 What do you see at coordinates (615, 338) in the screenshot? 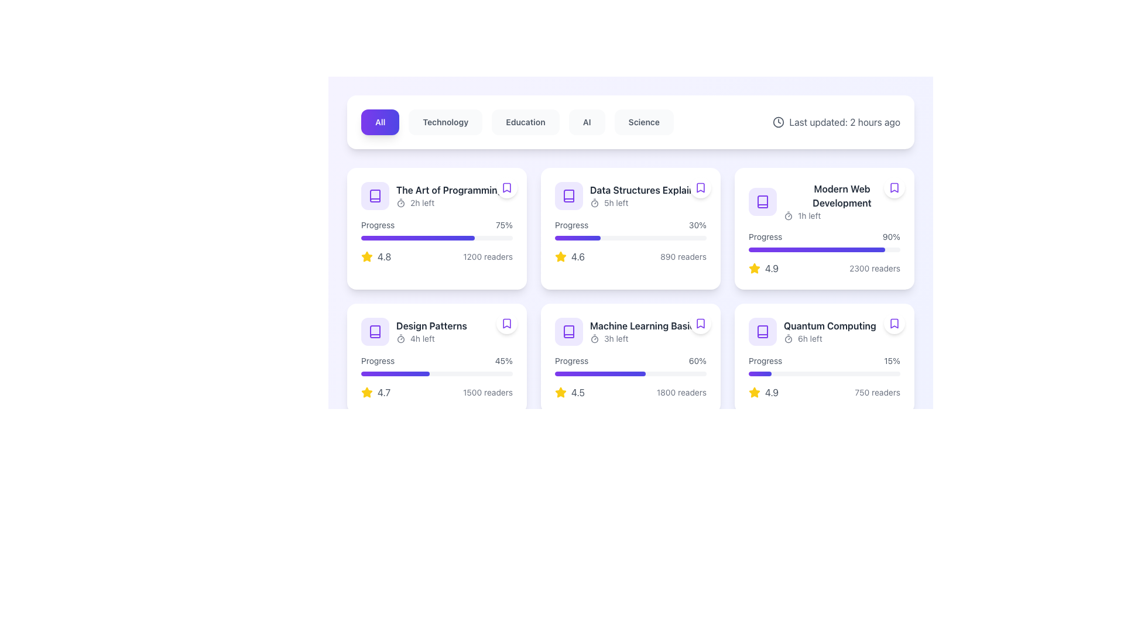
I see `the static text displaying '3h left', which is styled with a gray font color and is part of a time indicator located under the title 'Machine Learning Basics' in the third card of the second row` at bounding box center [615, 338].